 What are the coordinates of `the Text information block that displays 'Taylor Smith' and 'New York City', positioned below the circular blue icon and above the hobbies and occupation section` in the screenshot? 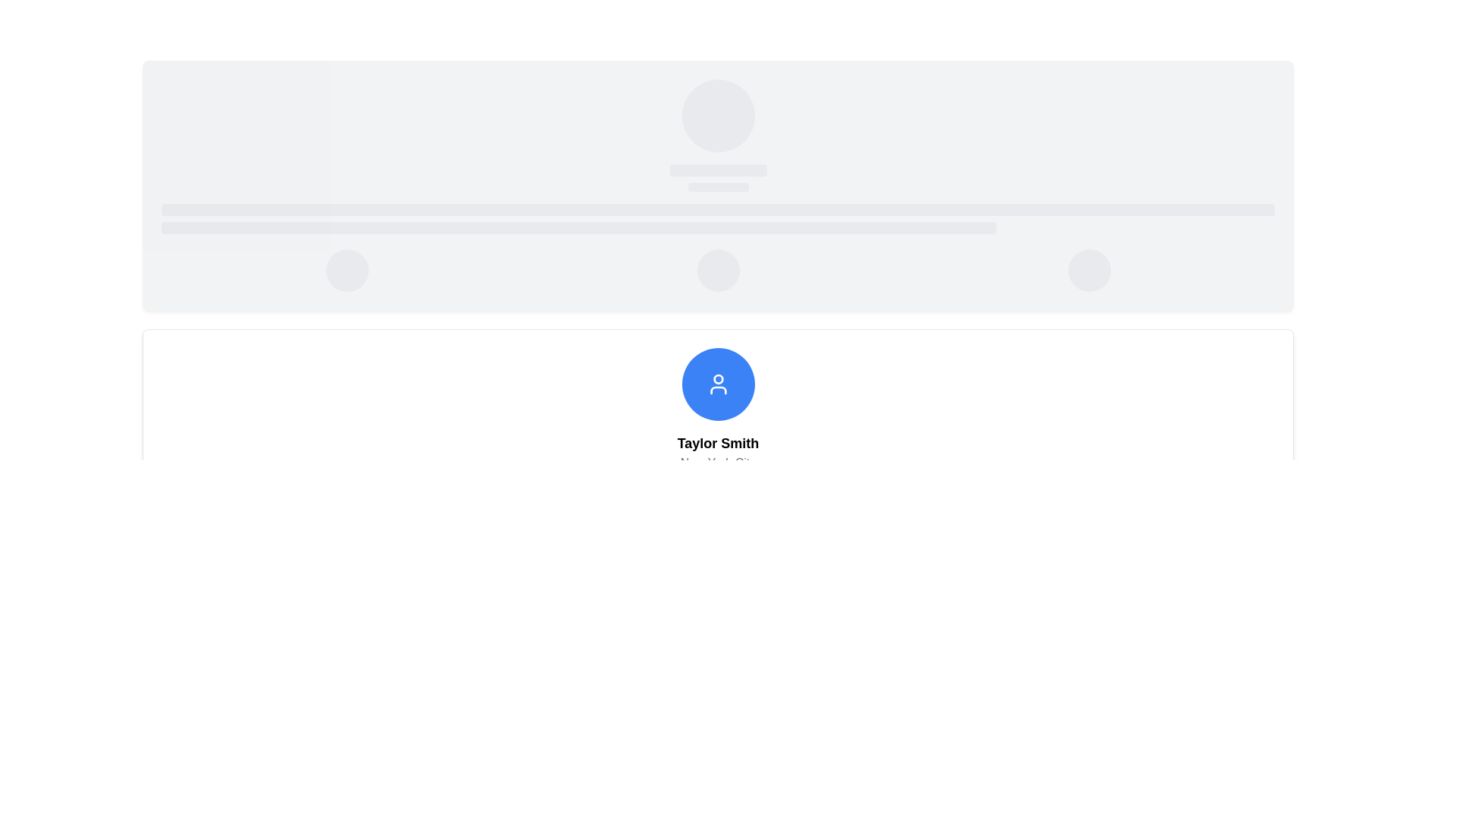 It's located at (717, 452).